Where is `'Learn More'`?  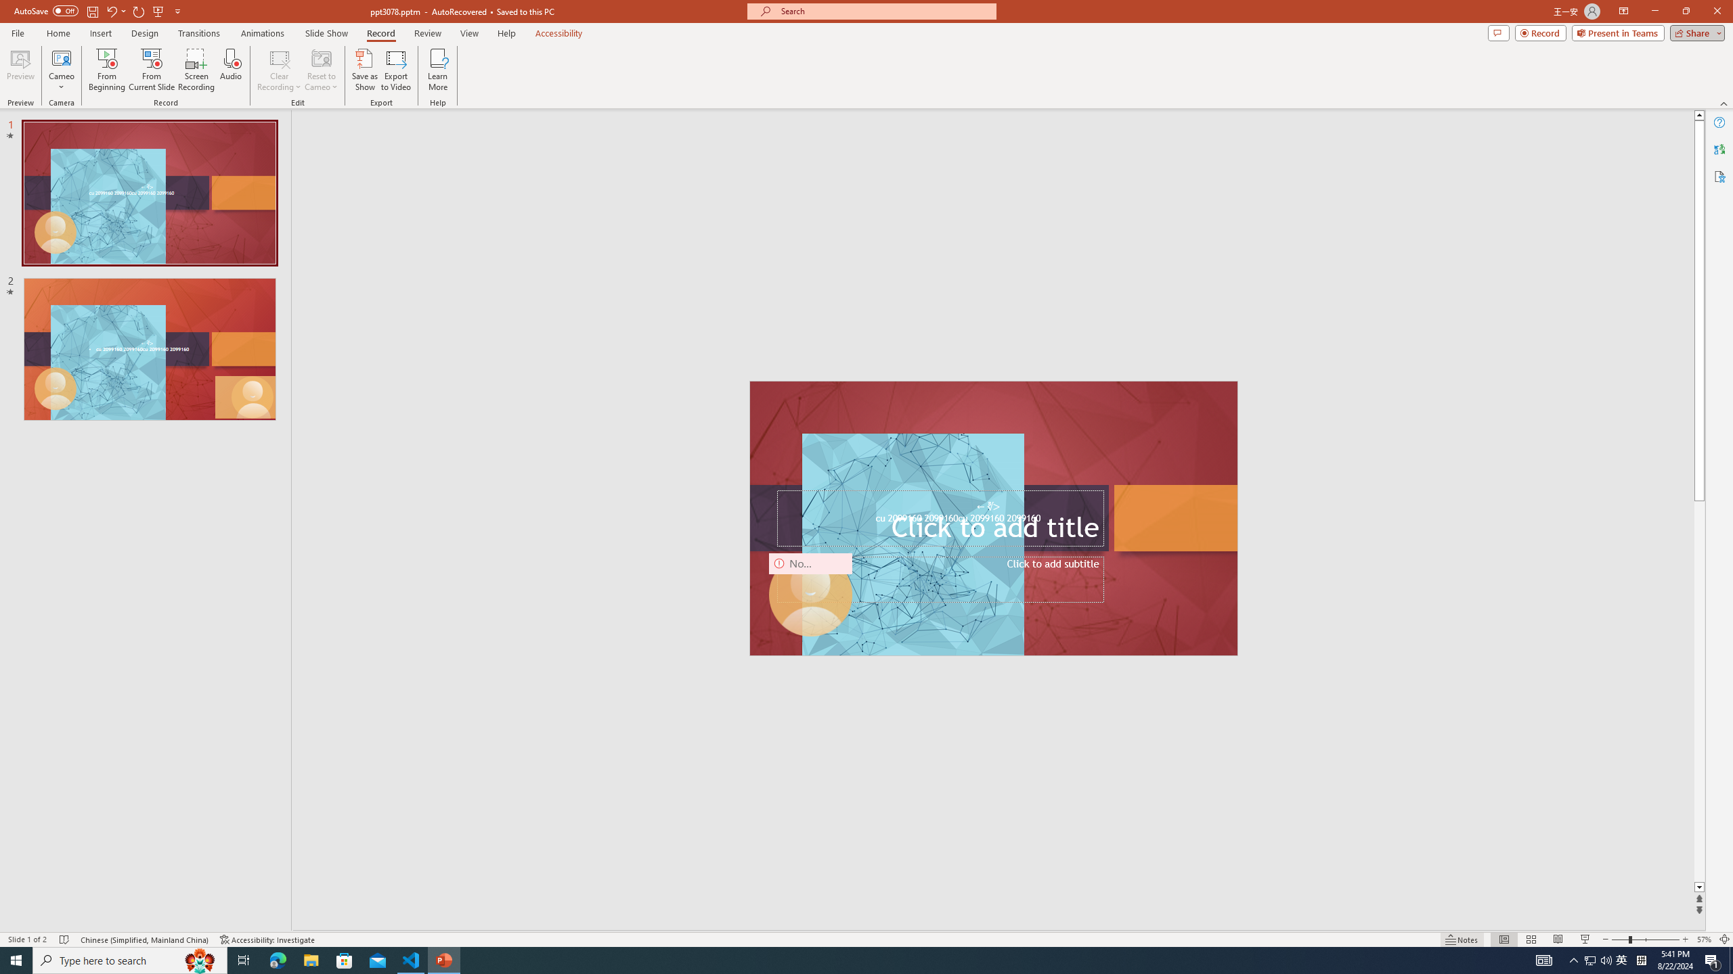 'Learn More' is located at coordinates (438, 70).